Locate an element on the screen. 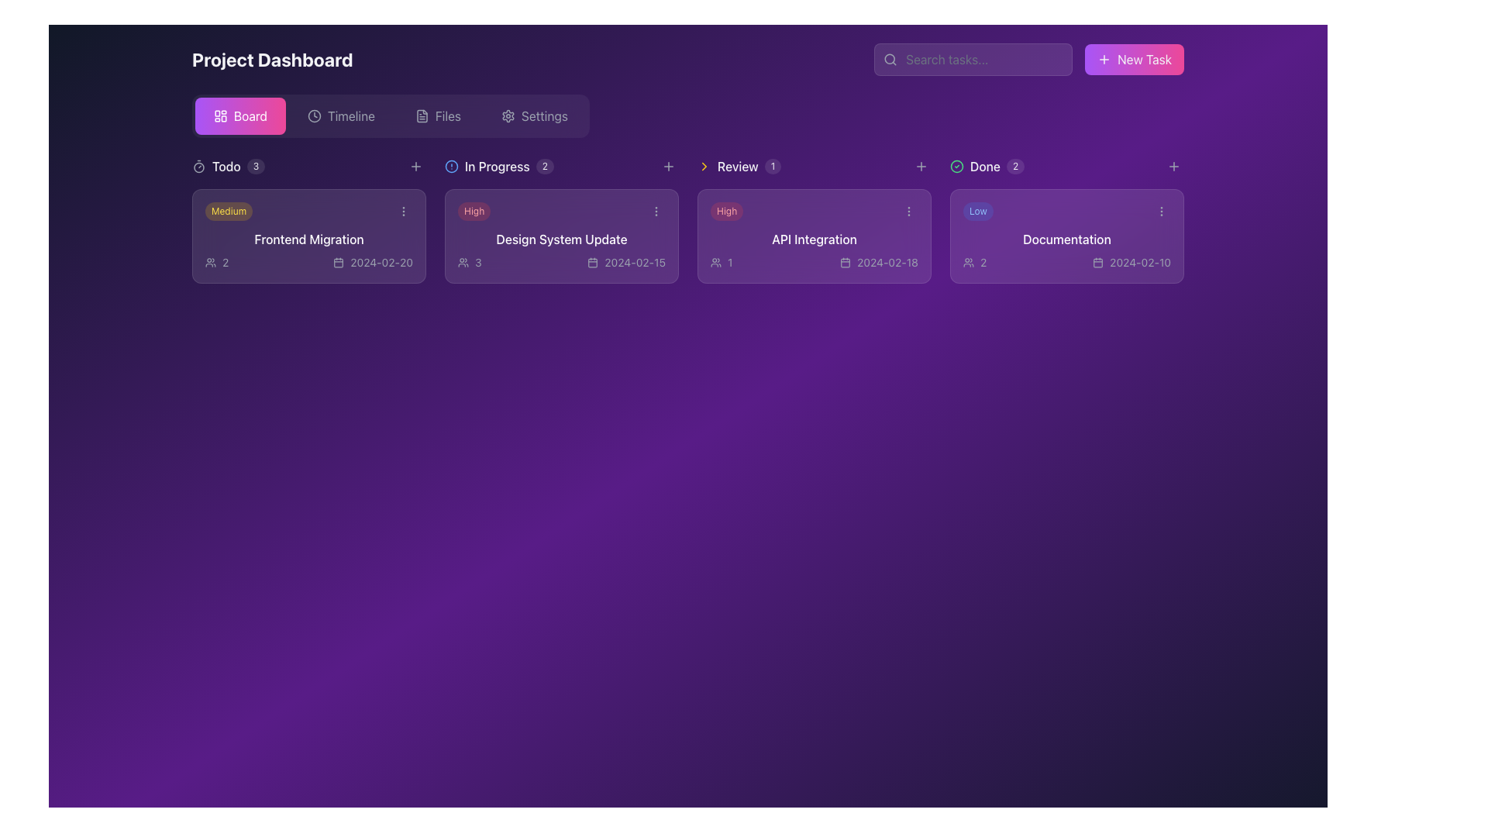 The image size is (1488, 837). the dashboard icon within the 'Board' button, which is styled with a gradient fill and located next to the text 'Board' is located at coordinates (219, 115).